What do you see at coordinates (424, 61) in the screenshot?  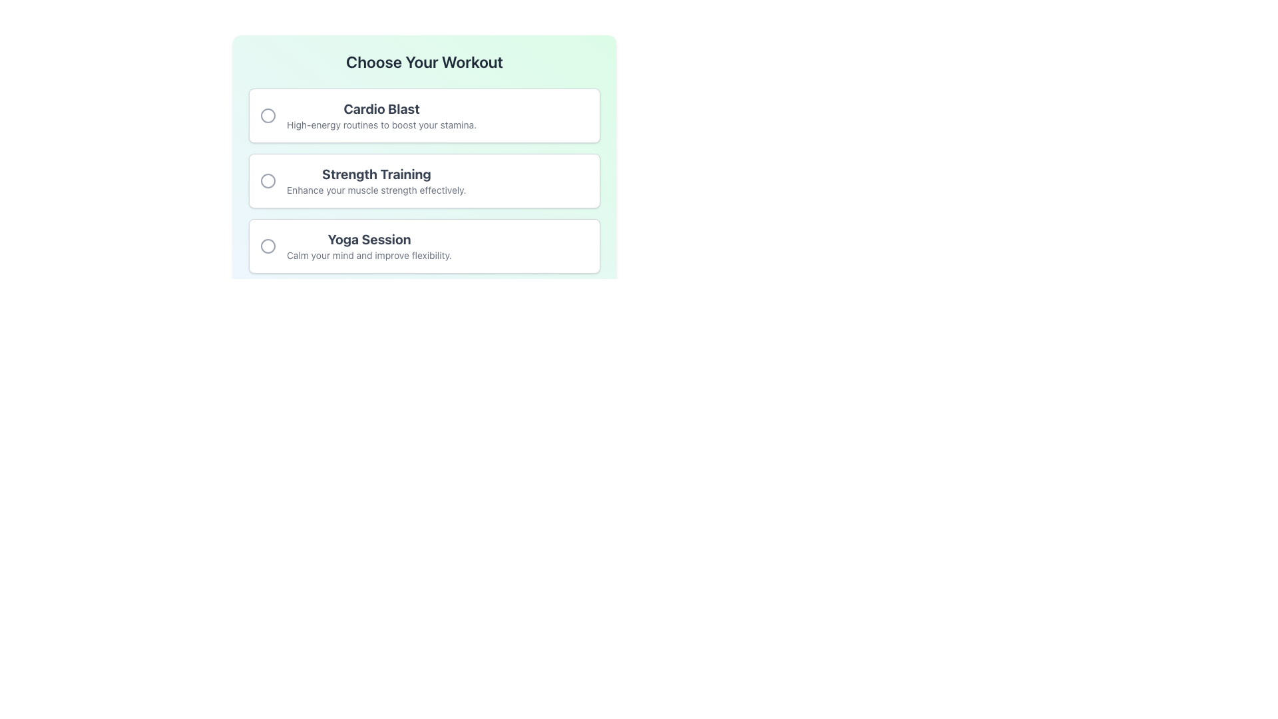 I see `header text 'Choose Your Workout' which is styled in bold, large font and located at the top-center of a light green rounded rectangular panel` at bounding box center [424, 61].